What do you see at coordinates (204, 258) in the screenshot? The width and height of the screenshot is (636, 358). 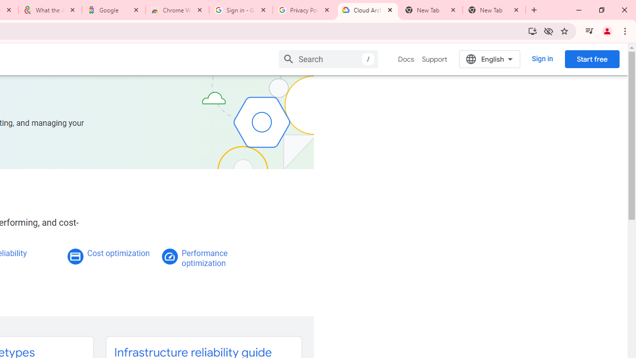 I see `'Performance optimization'` at bounding box center [204, 258].